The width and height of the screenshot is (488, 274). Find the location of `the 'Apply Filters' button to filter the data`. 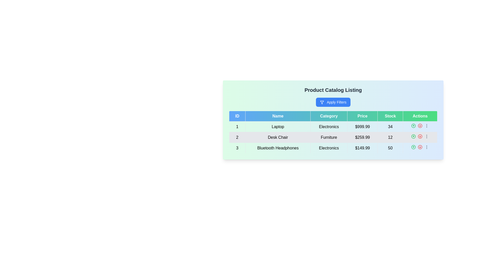

the 'Apply Filters' button to filter the data is located at coordinates (333, 102).